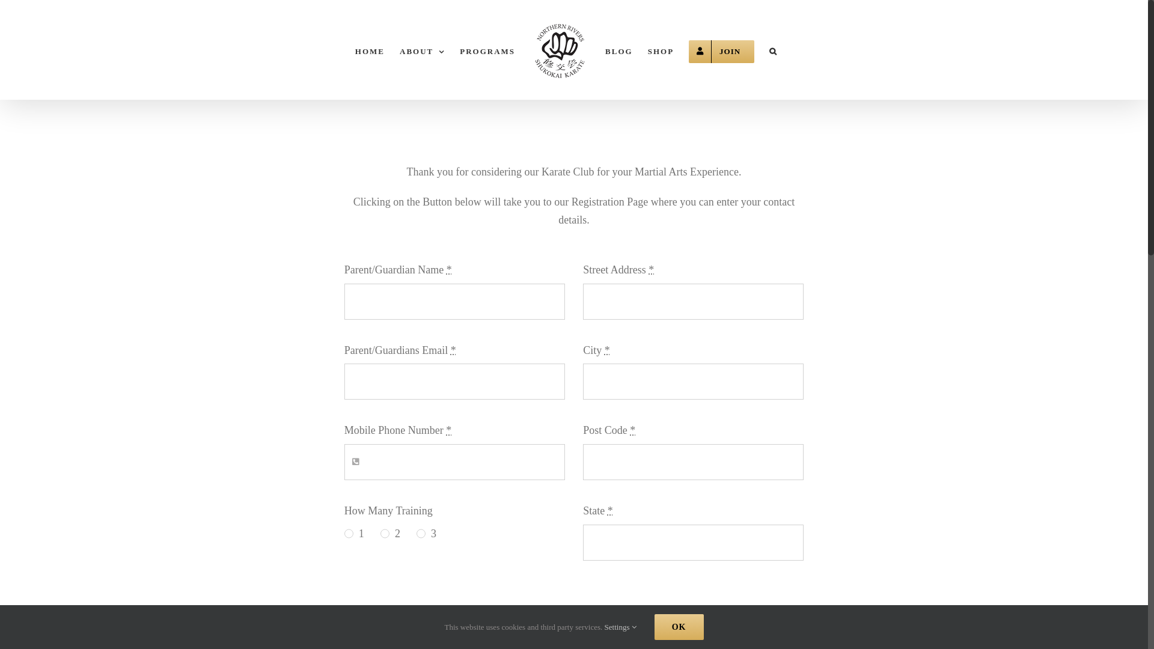 This screenshot has height=649, width=1154. Describe the element at coordinates (422, 49) in the screenshot. I see `'ABOUT'` at that location.